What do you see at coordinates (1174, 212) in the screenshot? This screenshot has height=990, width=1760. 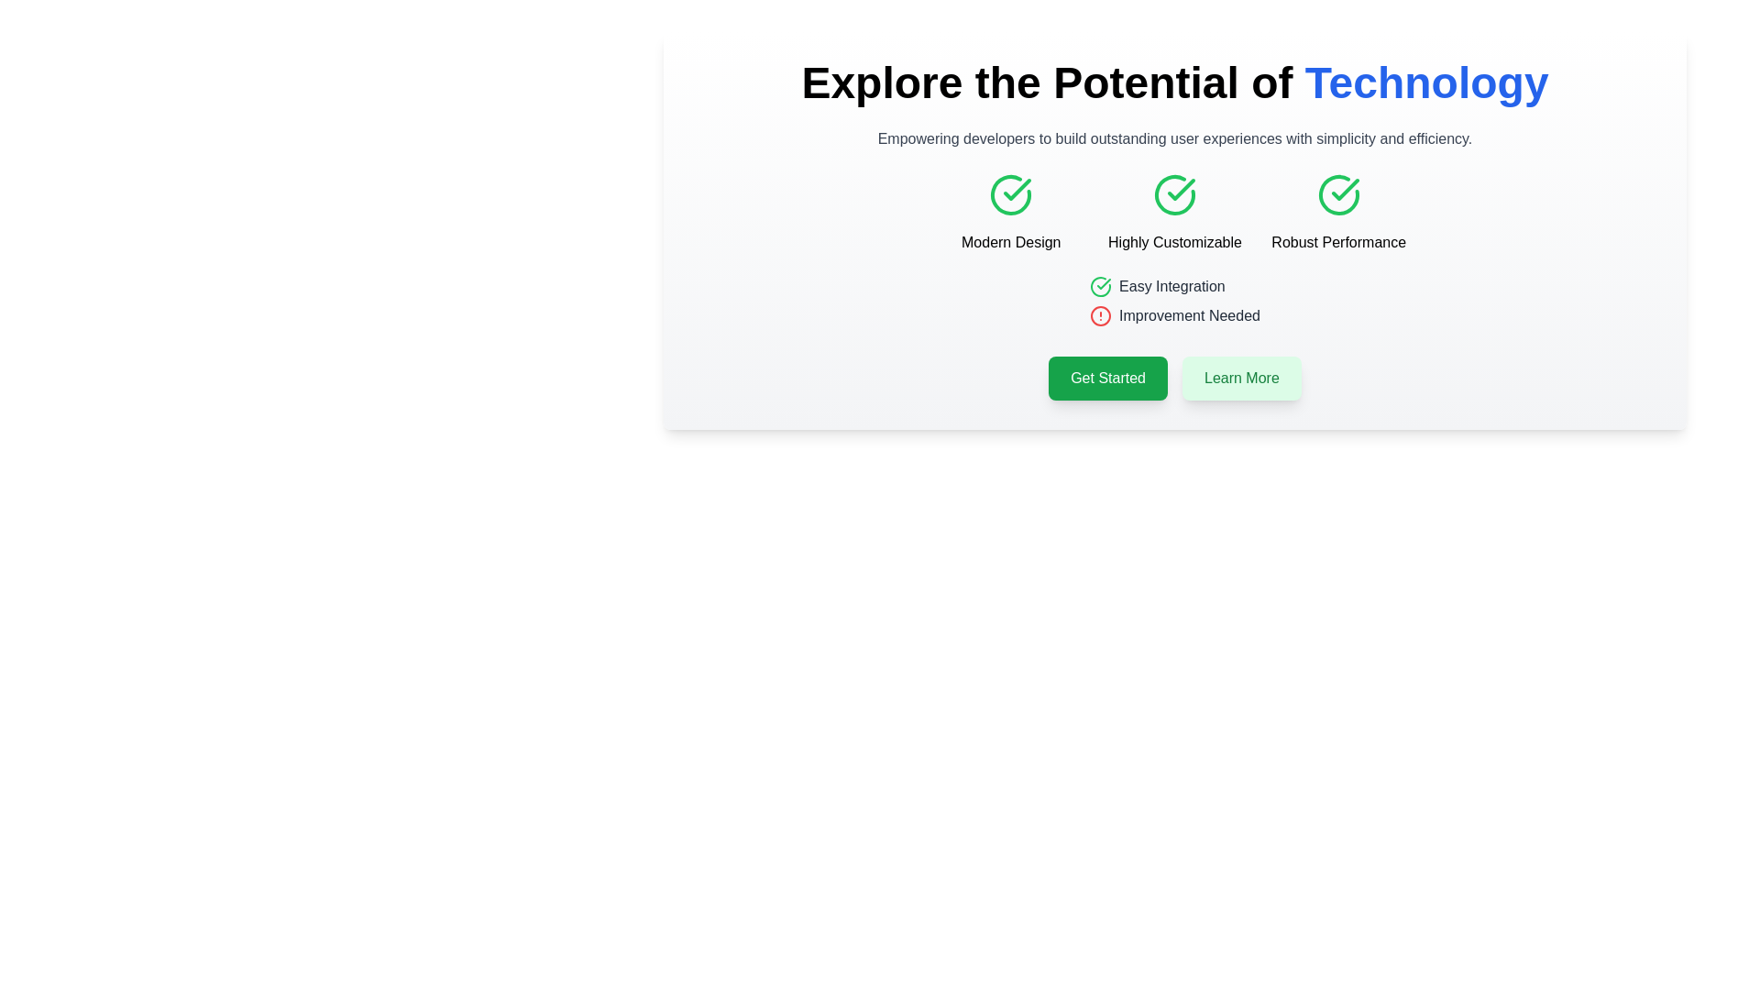 I see `the grid element containing the green checkmark icons and text labels 'Modern Design', 'Highly Customizable', and 'Robust Performance'` at bounding box center [1174, 212].